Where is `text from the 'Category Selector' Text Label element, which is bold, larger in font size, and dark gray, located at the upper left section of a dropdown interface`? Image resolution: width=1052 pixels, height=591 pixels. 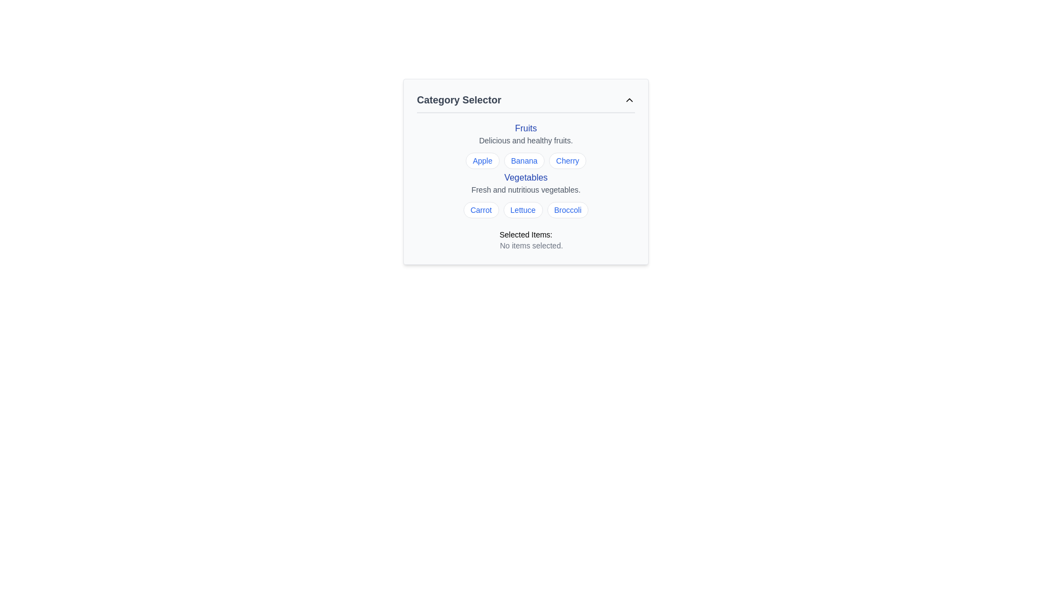 text from the 'Category Selector' Text Label element, which is bold, larger in font size, and dark gray, located at the upper left section of a dropdown interface is located at coordinates (459, 100).